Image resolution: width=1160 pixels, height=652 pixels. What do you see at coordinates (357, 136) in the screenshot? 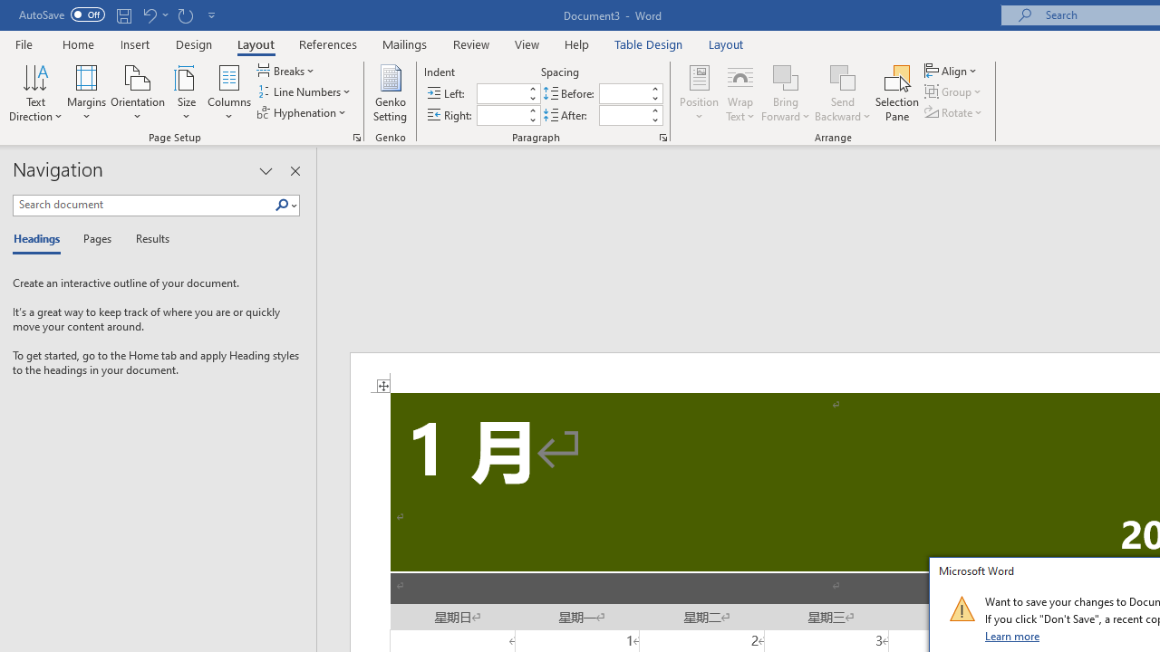
I see `'Page Setup...'` at bounding box center [357, 136].